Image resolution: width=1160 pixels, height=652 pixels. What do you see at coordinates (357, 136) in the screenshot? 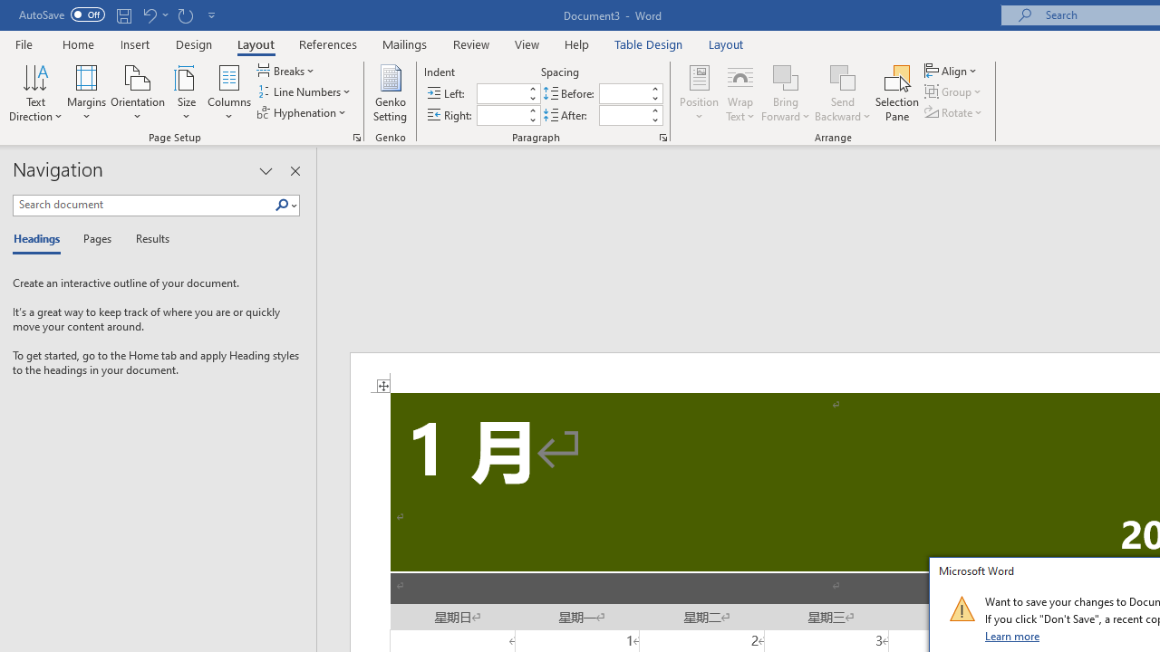
I see `'Page Setup...'` at bounding box center [357, 136].